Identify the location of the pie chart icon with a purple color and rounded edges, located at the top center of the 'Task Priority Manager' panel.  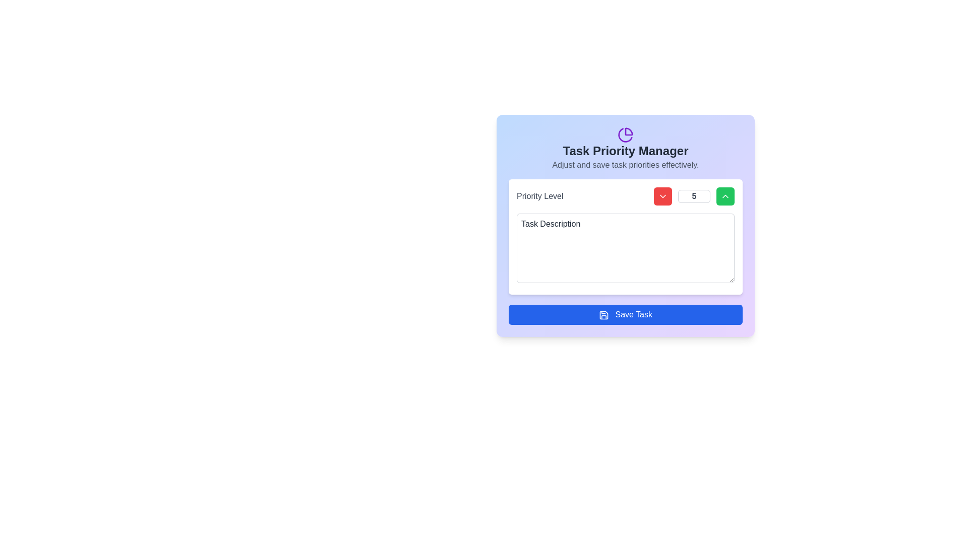
(625, 134).